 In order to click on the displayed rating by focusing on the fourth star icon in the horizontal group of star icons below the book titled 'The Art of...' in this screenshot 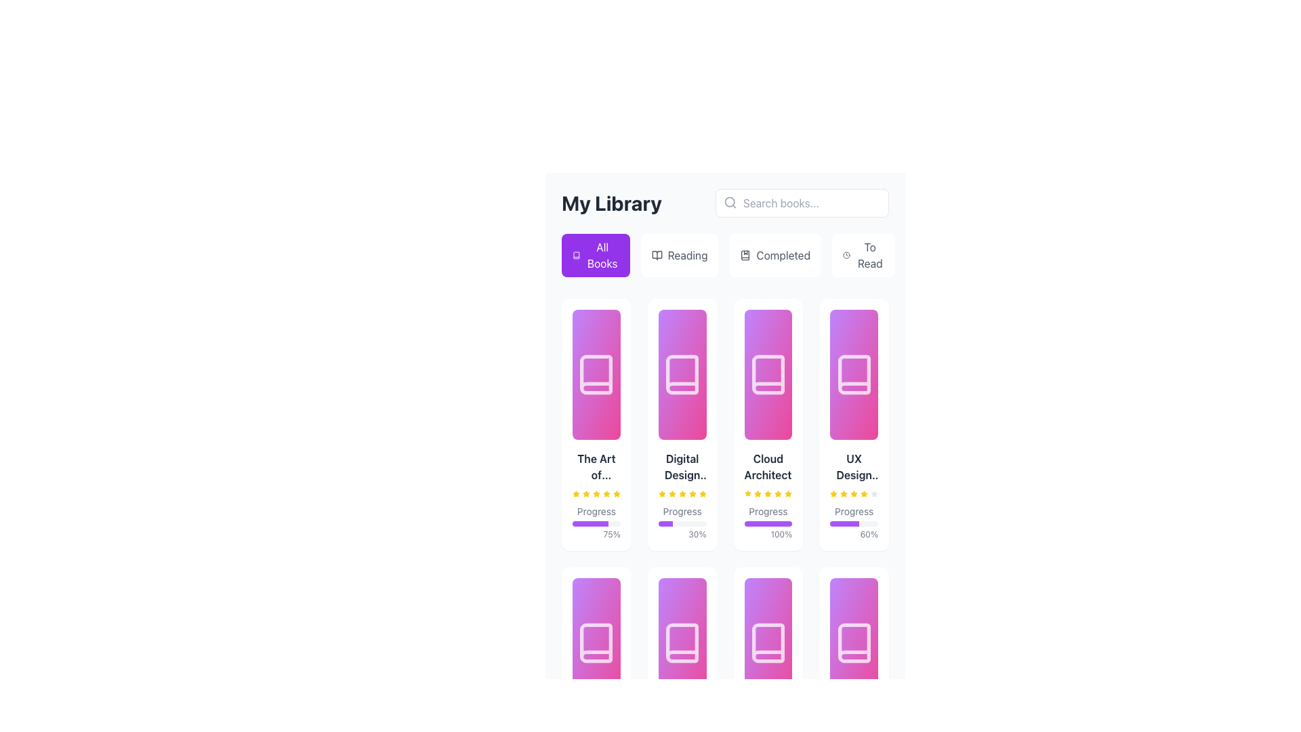, I will do `click(596, 494)`.